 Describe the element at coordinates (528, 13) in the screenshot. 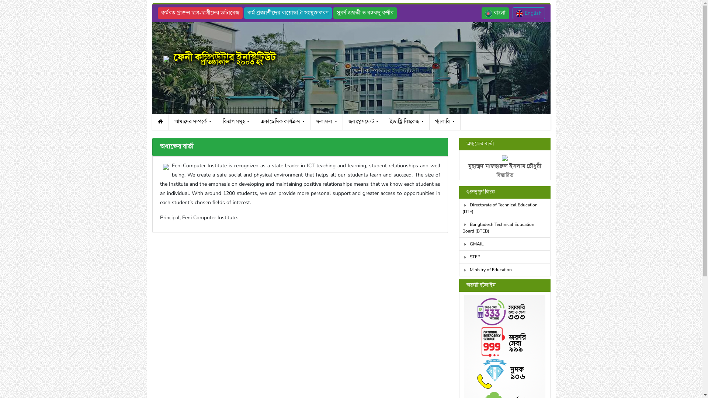

I see `' English'` at that location.